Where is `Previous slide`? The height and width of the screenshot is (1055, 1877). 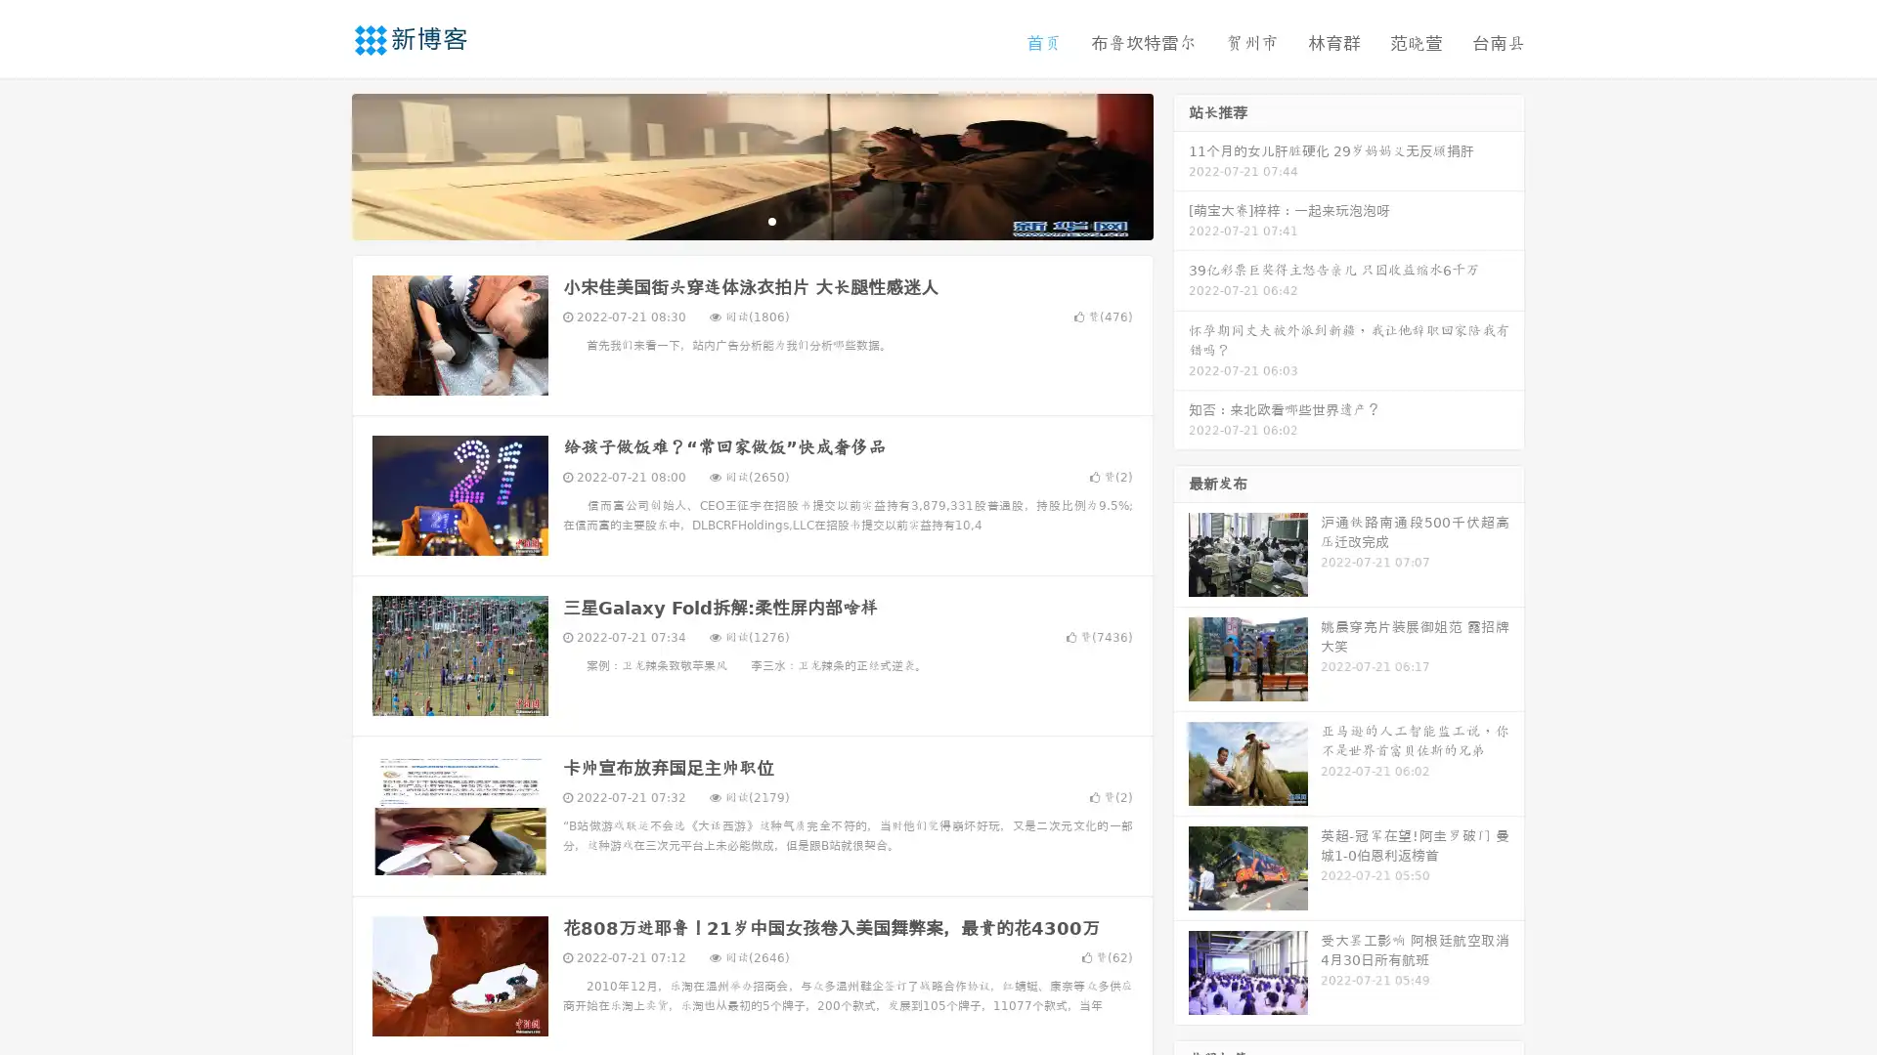
Previous slide is located at coordinates (323, 164).